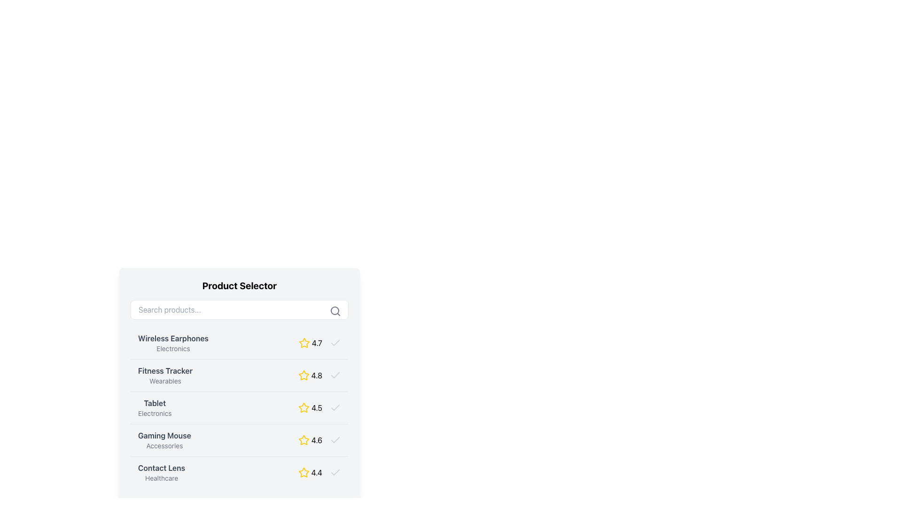 This screenshot has width=902, height=507. I want to click on the small yellow star icon with a hollow center, which is located in the last item of a vertically aligned list and is adjacent to the rating value of 4.4, so click(303, 472).